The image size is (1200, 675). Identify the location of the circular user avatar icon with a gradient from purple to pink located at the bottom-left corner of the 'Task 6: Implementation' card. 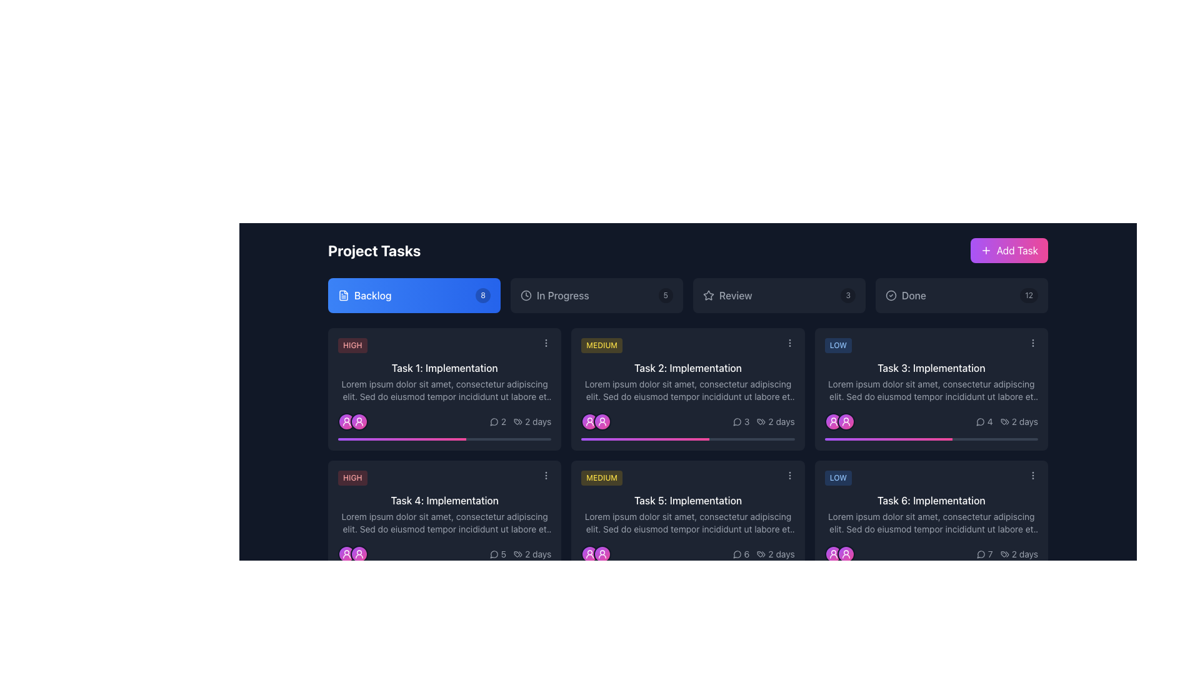
(833, 554).